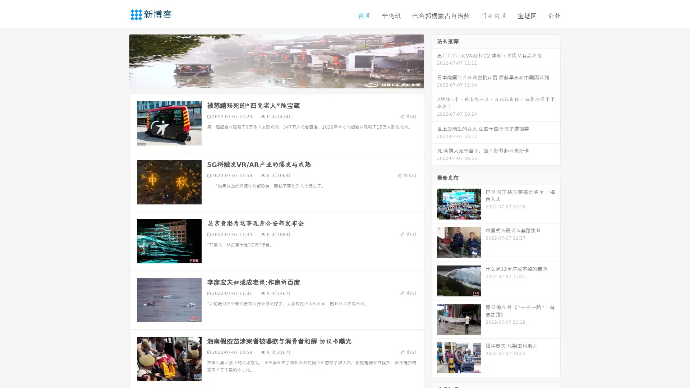  I want to click on Previous slide, so click(119, 60).